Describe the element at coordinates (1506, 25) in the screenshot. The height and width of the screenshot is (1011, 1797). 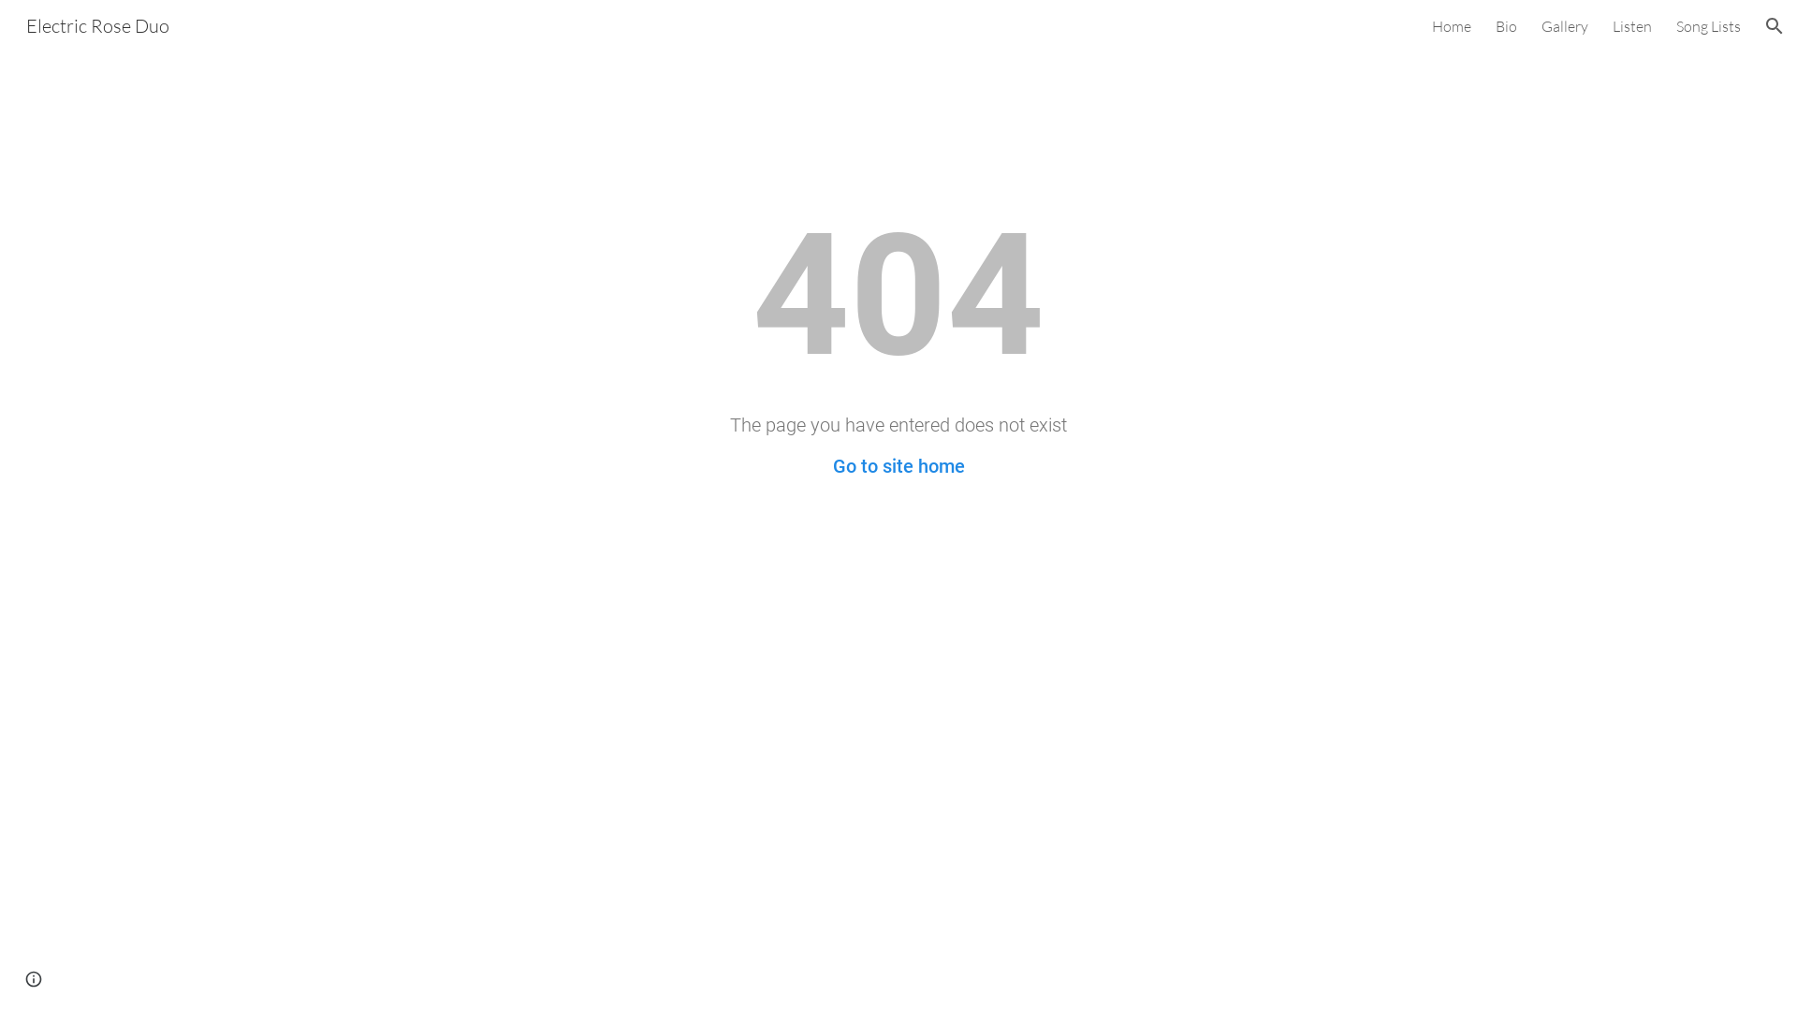
I see `'Bio'` at that location.